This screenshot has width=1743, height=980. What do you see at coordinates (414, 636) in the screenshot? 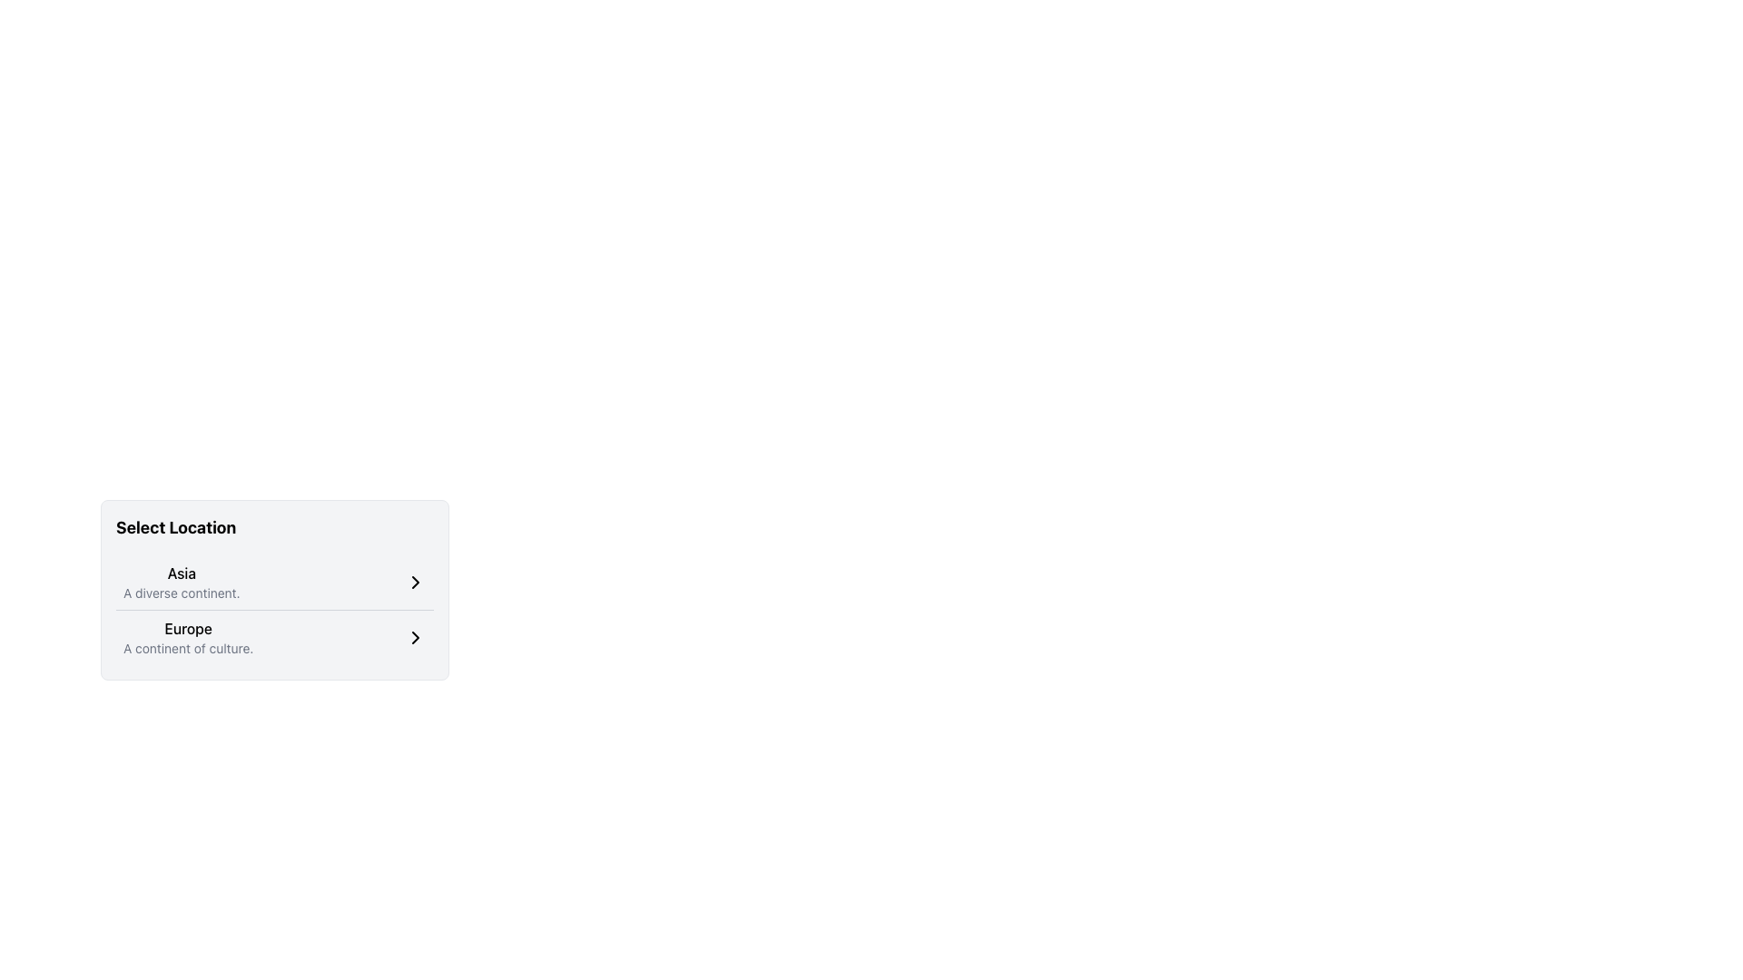
I see `the chevron icon located at the far-right side of the 'Europe' list item, which indicates an interactive action related to the 'Europe' item` at bounding box center [414, 636].